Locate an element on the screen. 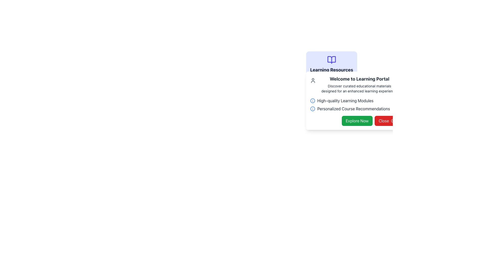  the open book icon located in the upper section of the 'Learning Resources' card, directly above the text label 'Learning Resources' is located at coordinates (331, 60).